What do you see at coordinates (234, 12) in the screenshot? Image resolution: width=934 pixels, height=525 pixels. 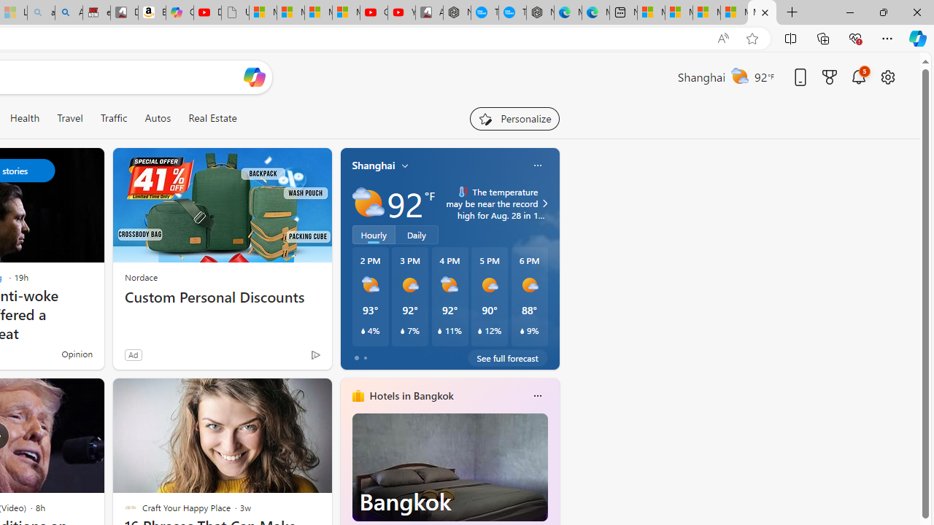 I see `'Untitled'` at bounding box center [234, 12].